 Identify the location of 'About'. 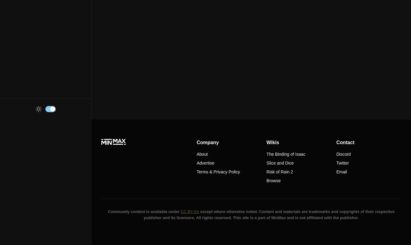
(202, 154).